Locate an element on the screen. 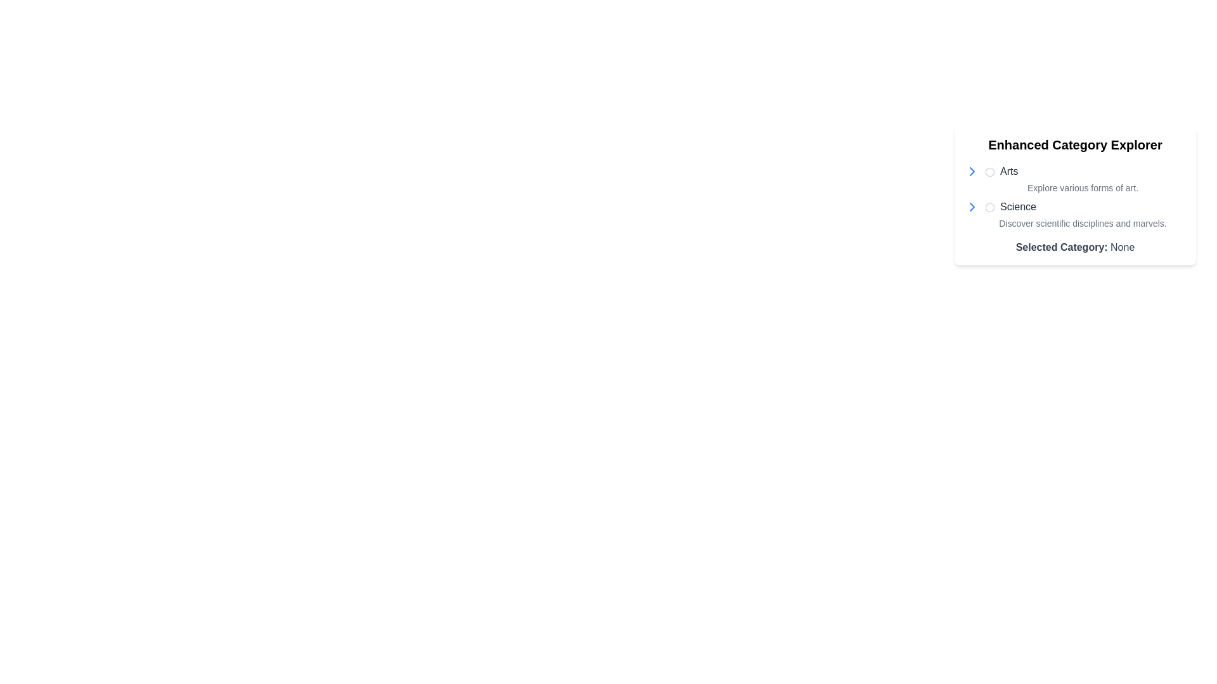  text header 'Enhanced Category Explorer', which is a bold and larger font title at the top of a card-like UI component with a white background is located at coordinates (1074, 144).